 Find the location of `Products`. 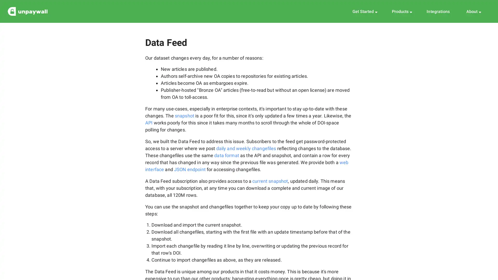

Products is located at coordinates (402, 11).